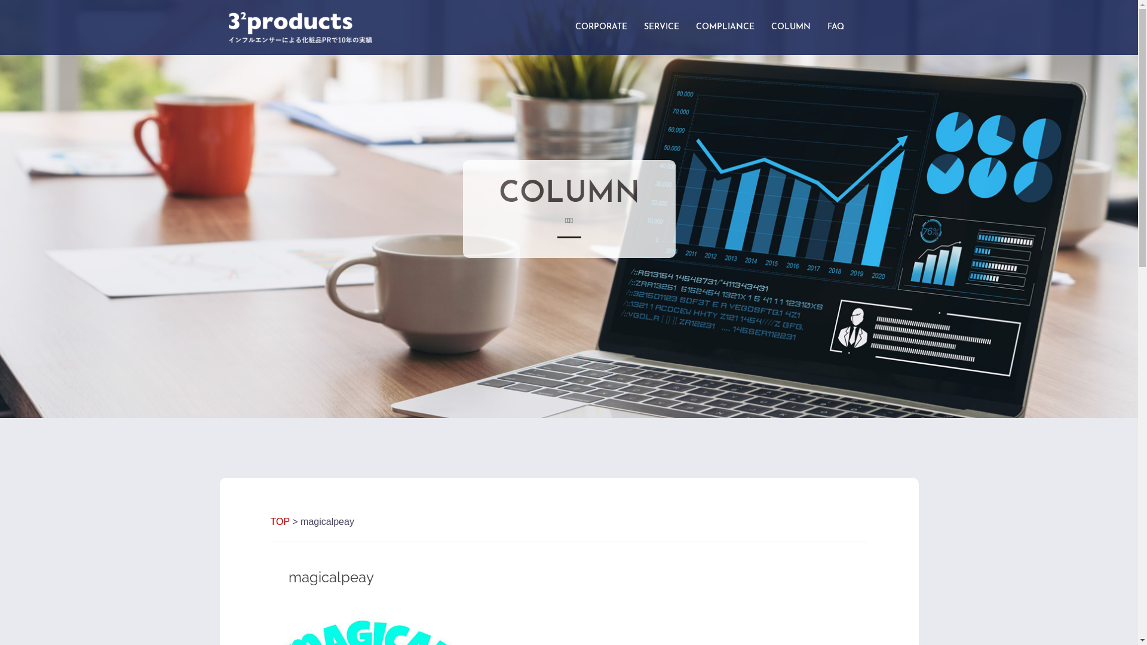  What do you see at coordinates (600, 27) in the screenshot?
I see `'CORPORATE'` at bounding box center [600, 27].